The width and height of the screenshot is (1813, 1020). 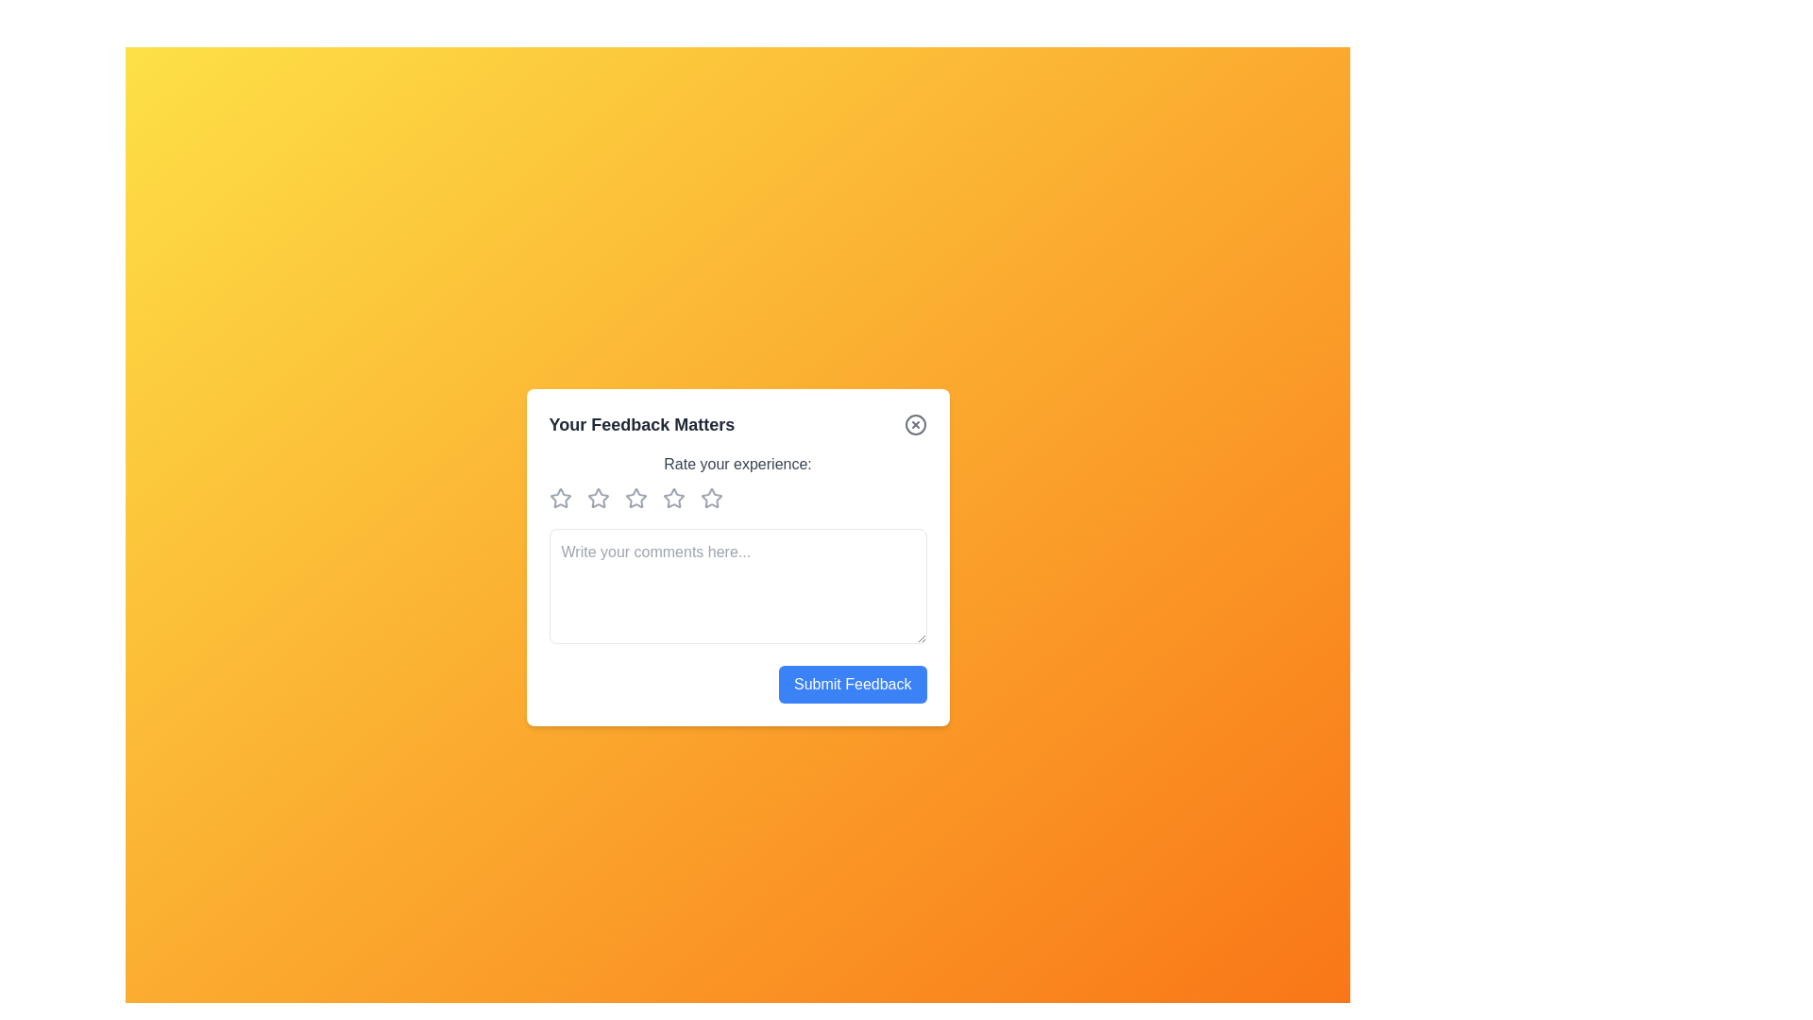 What do you see at coordinates (639, 497) in the screenshot?
I see `the rating to 3 stars by clicking on the corresponding star` at bounding box center [639, 497].